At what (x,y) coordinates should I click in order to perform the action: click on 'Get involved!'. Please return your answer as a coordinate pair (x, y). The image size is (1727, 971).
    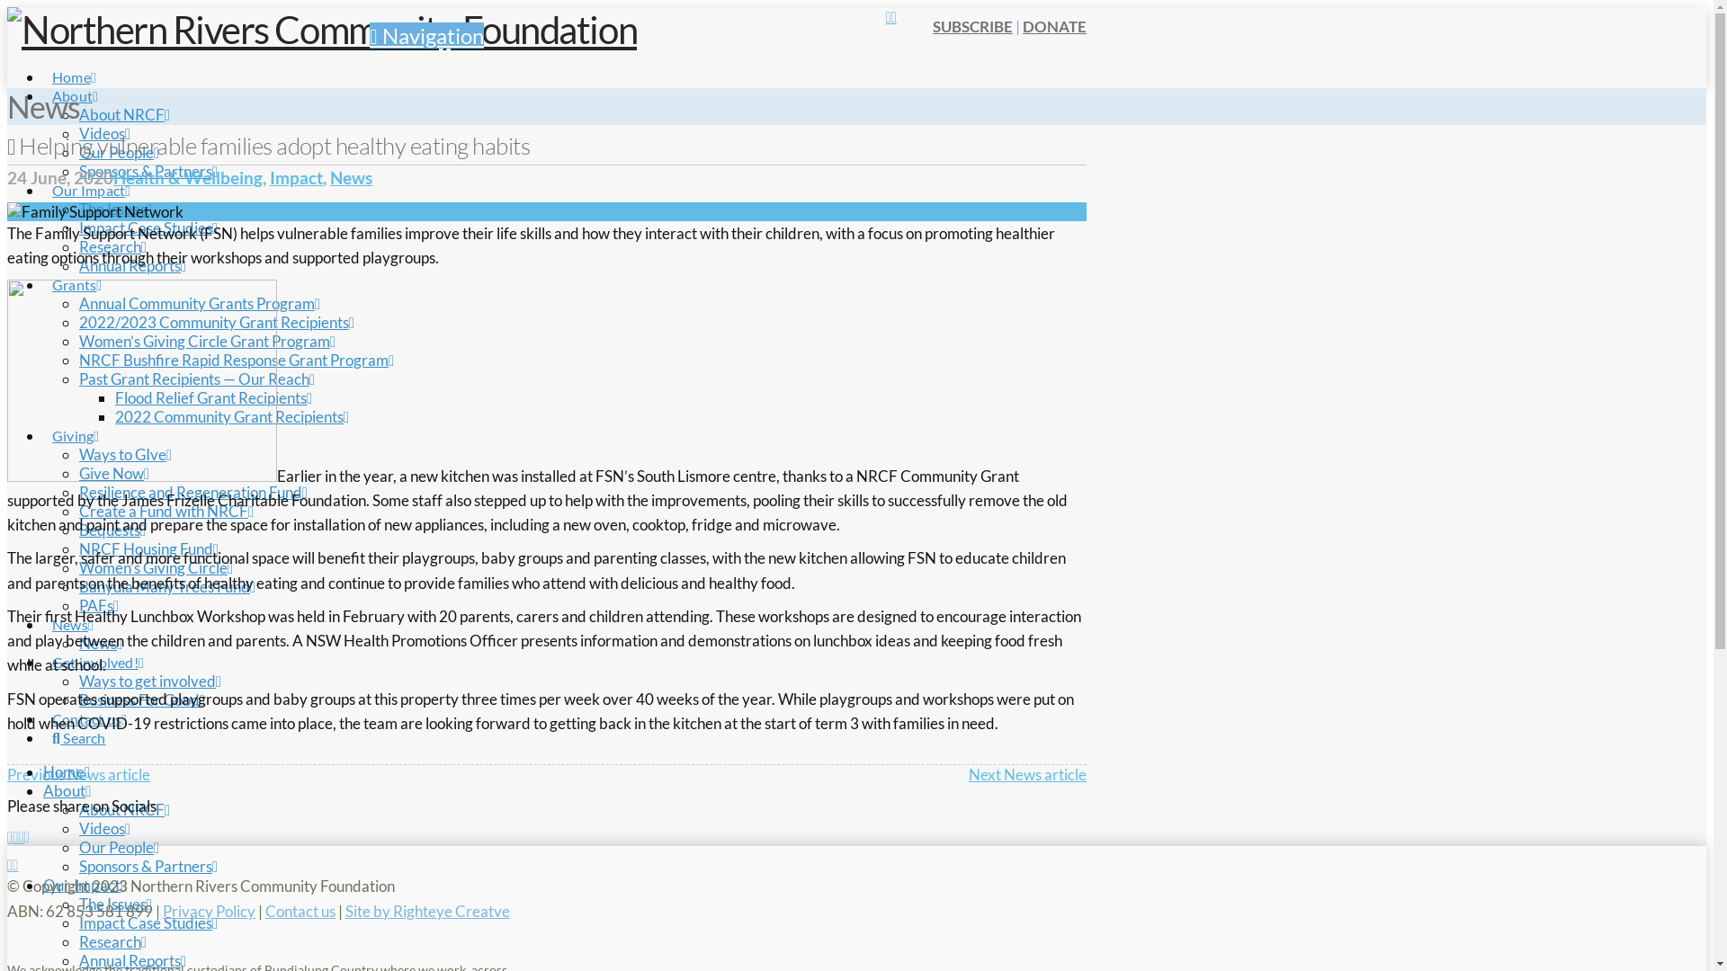
    Looking at the image, I should click on (97, 644).